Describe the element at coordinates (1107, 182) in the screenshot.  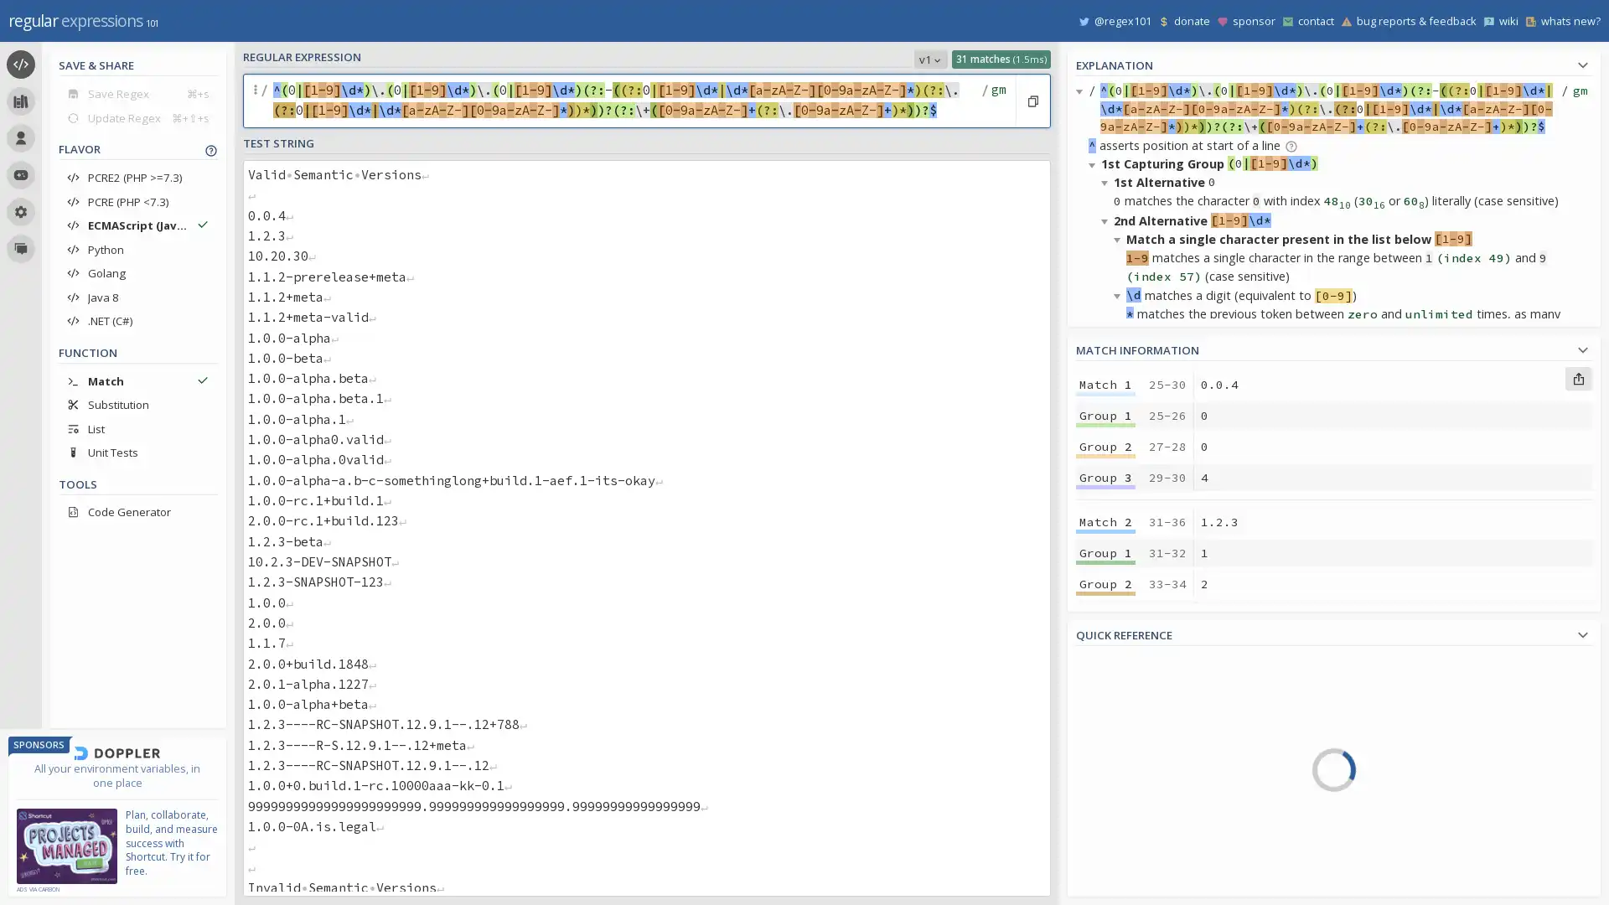
I see `Collapse Subtree` at that location.